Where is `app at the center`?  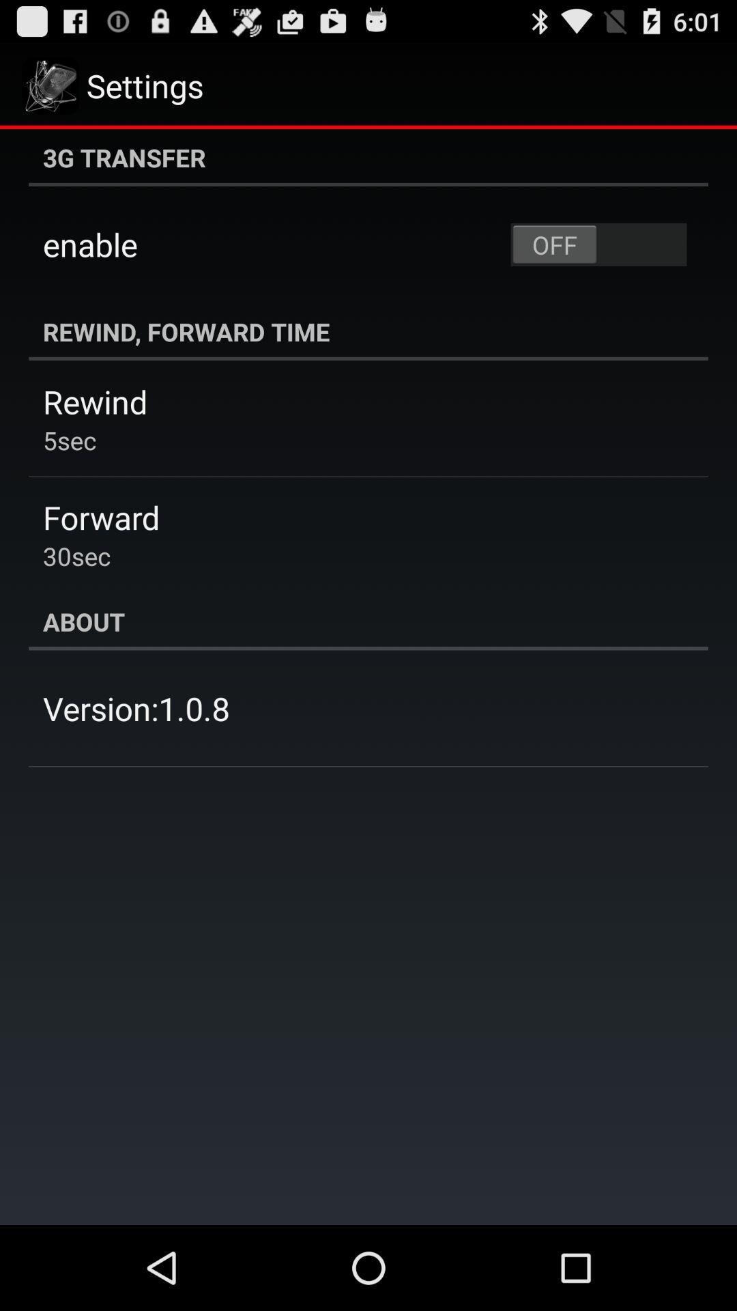
app at the center is located at coordinates (369, 621).